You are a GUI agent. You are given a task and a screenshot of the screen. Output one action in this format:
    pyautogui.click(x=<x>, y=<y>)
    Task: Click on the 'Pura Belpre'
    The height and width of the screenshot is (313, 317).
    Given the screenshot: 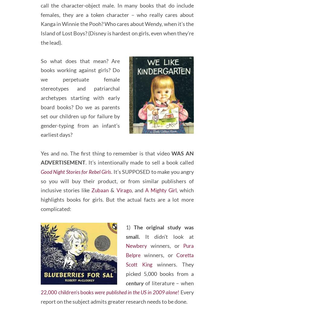 What is the action you would take?
    pyautogui.click(x=160, y=259)
    